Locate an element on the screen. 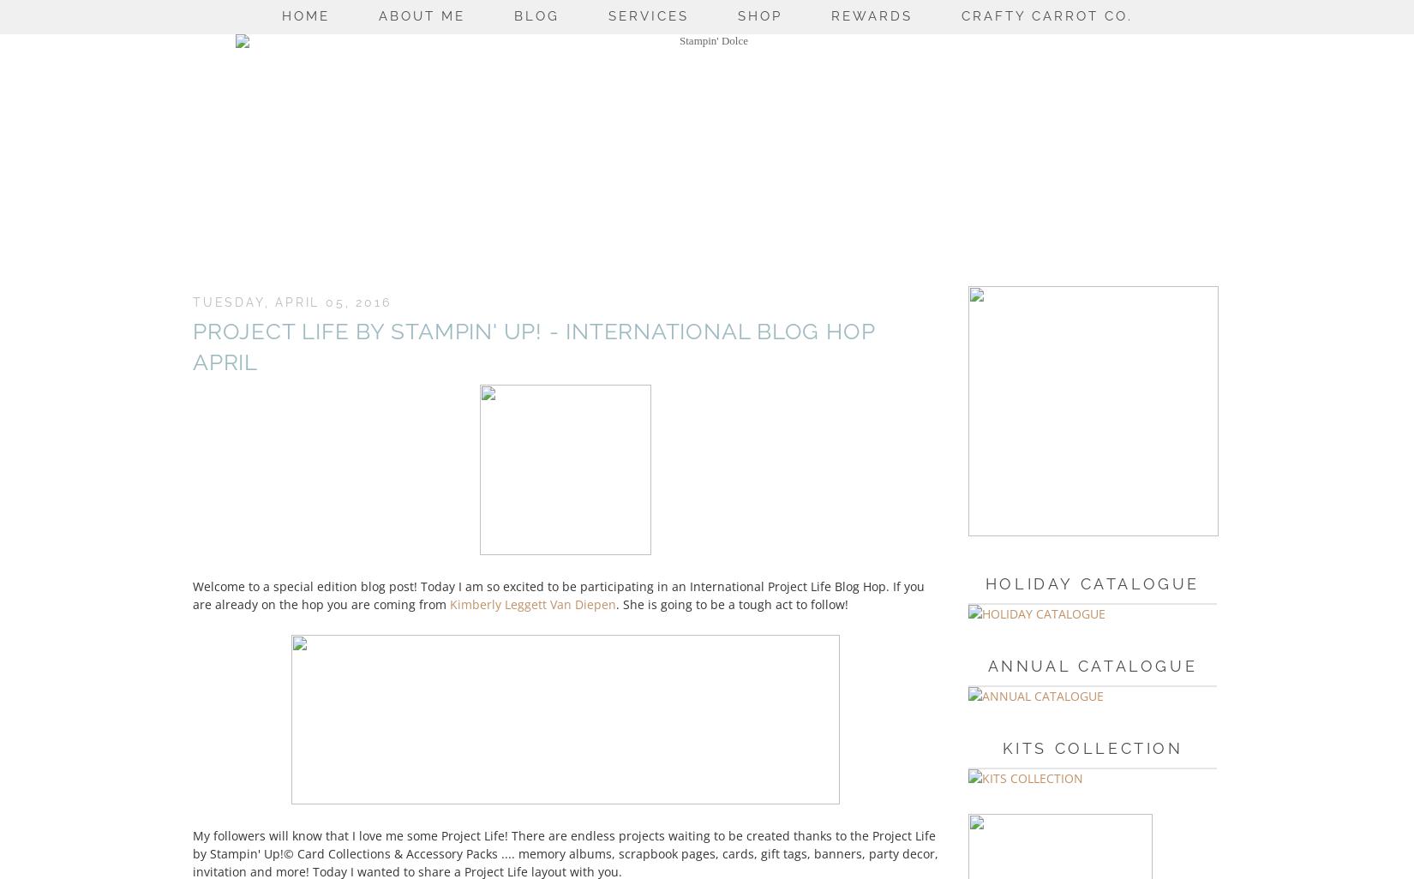 The width and height of the screenshot is (1414, 879). '. She is going to be a tough act to follow!' is located at coordinates (615, 603).